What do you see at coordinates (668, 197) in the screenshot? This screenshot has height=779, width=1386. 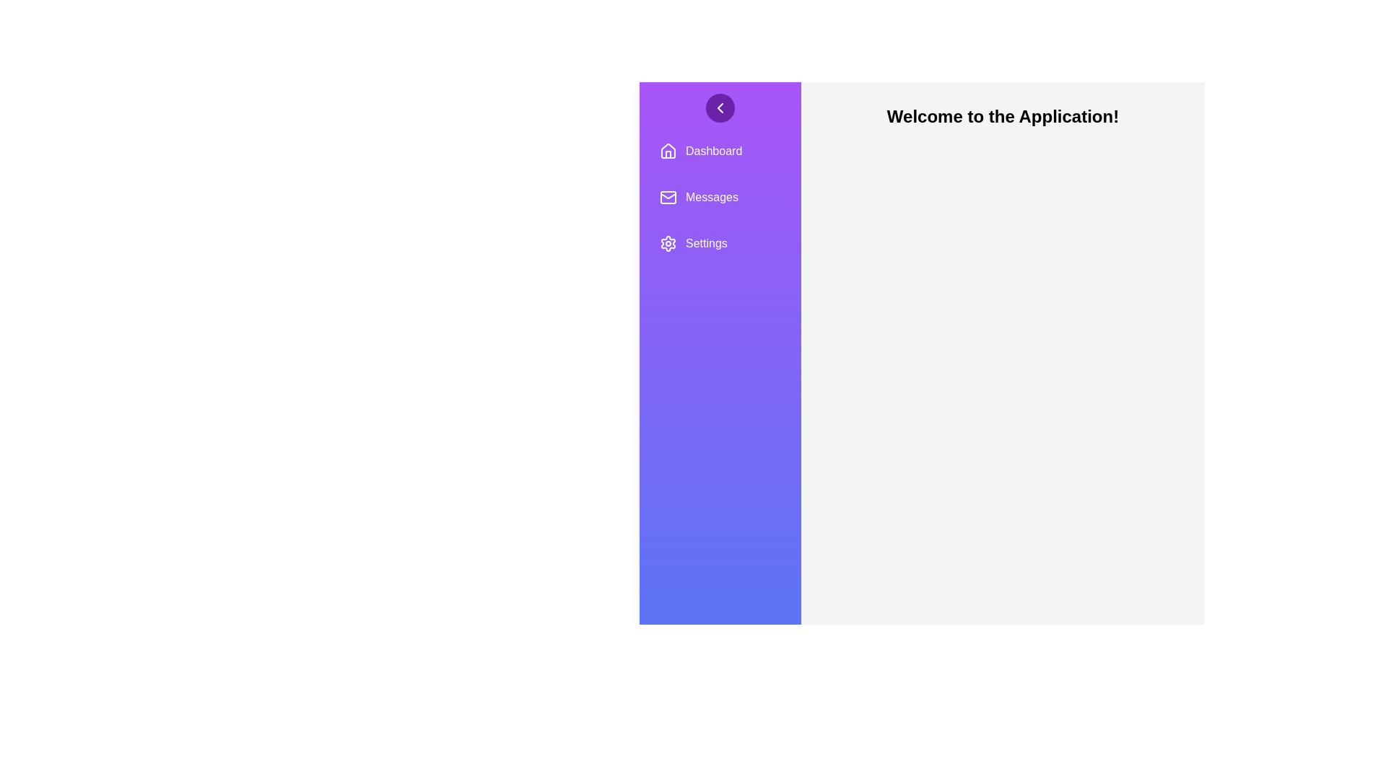 I see `the 'Messages' icon in the side navigation menu, which visually represents the messaging functionality of the application` at bounding box center [668, 197].